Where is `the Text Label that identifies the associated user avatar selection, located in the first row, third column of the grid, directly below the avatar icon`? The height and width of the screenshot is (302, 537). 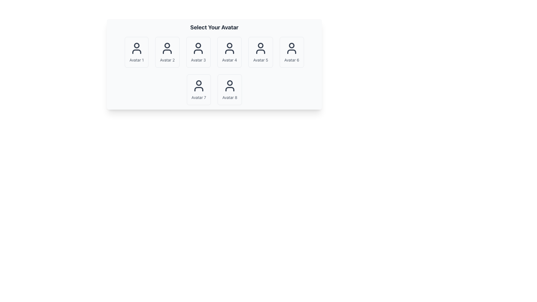
the Text Label that identifies the associated user avatar selection, located in the first row, third column of the grid, directly below the avatar icon is located at coordinates (198, 60).